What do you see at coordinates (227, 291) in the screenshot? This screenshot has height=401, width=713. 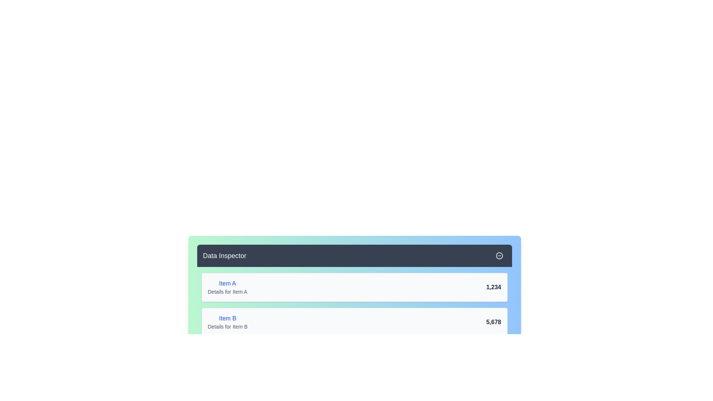 I see `the non-interactive text label providing additional information about 'Item A', located below the dark blue header labeled 'Data Inspector' in the light green area` at bounding box center [227, 291].